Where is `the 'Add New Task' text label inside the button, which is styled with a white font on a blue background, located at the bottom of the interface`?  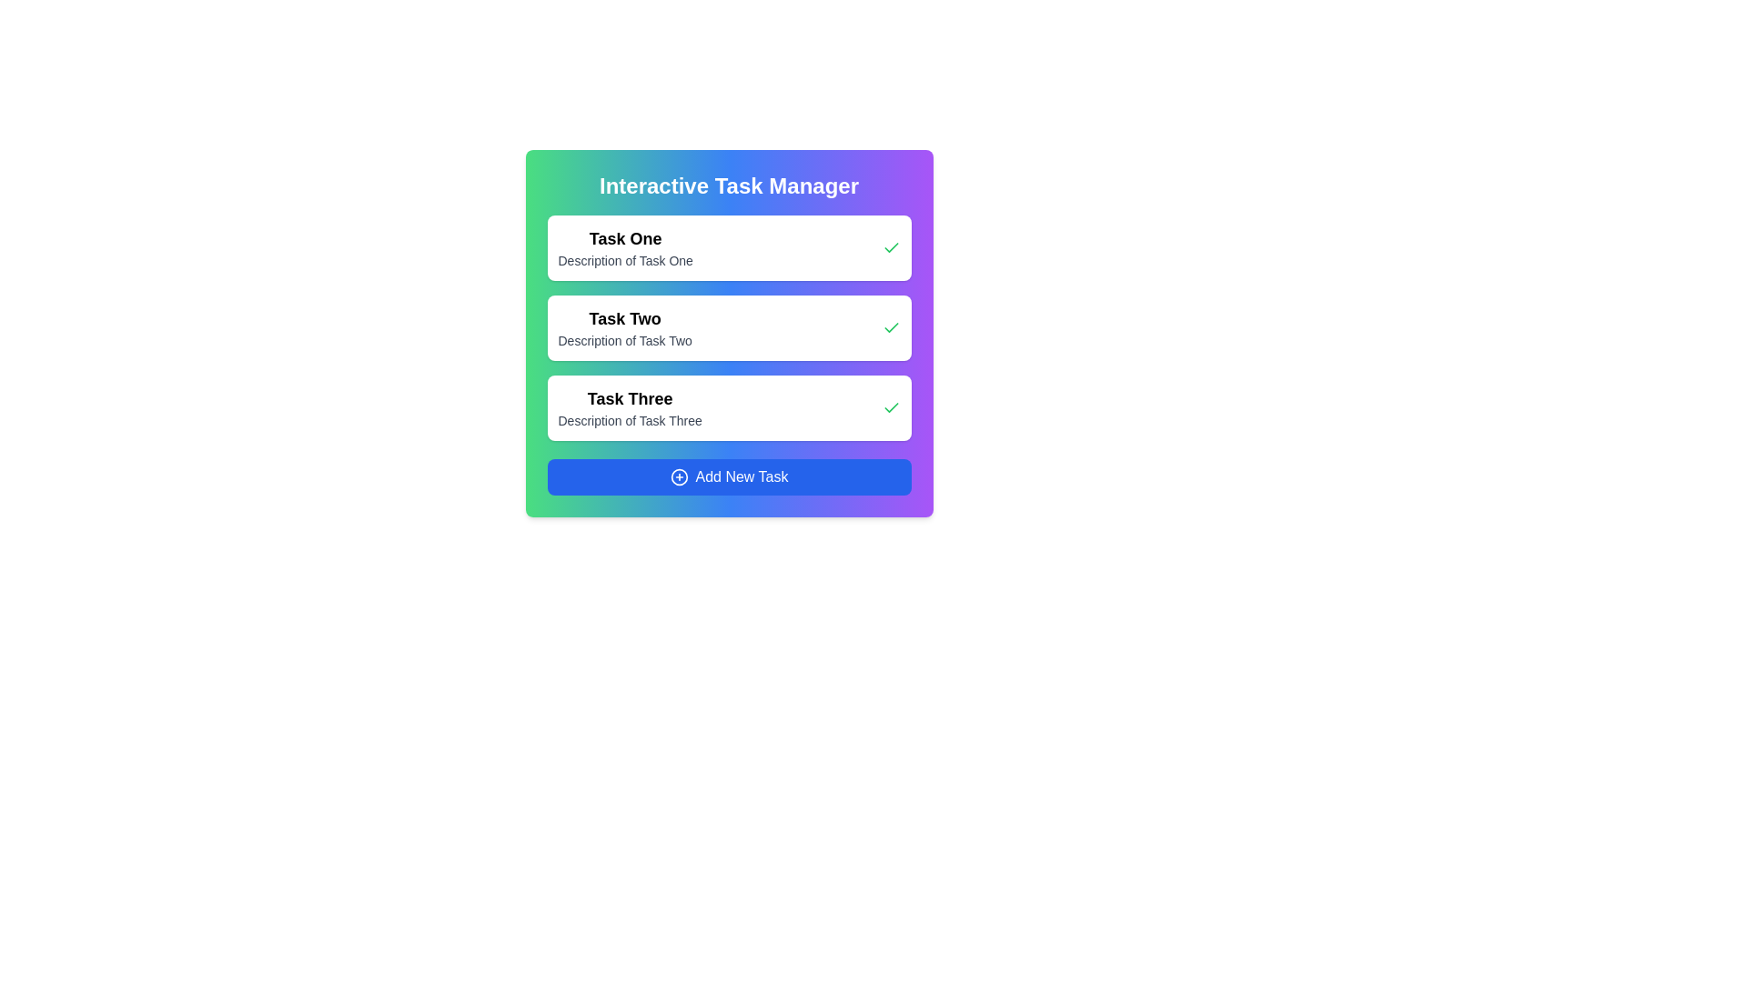
the 'Add New Task' text label inside the button, which is styled with a white font on a blue background, located at the bottom of the interface is located at coordinates (742, 476).